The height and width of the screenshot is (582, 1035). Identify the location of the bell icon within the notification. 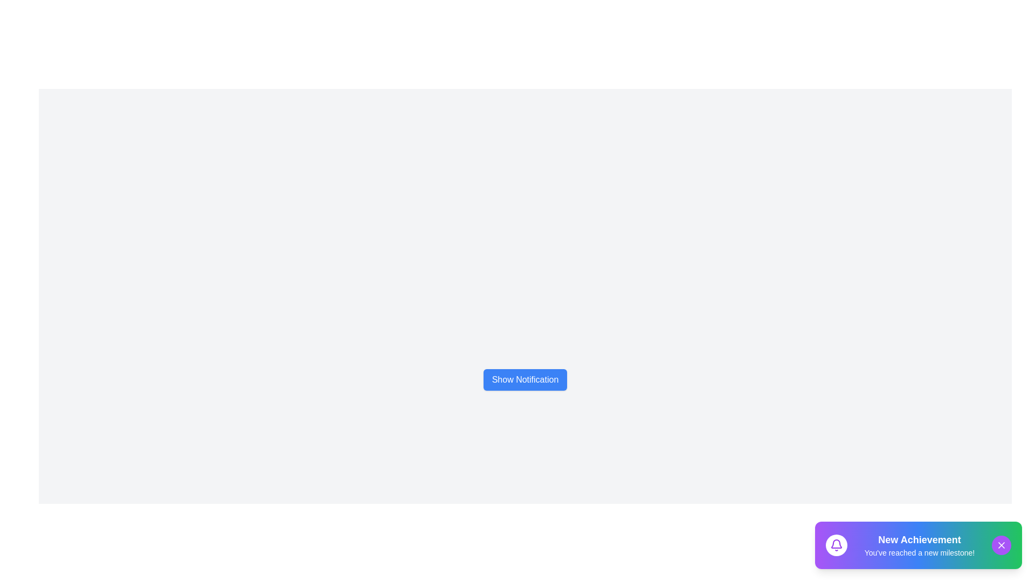
(836, 545).